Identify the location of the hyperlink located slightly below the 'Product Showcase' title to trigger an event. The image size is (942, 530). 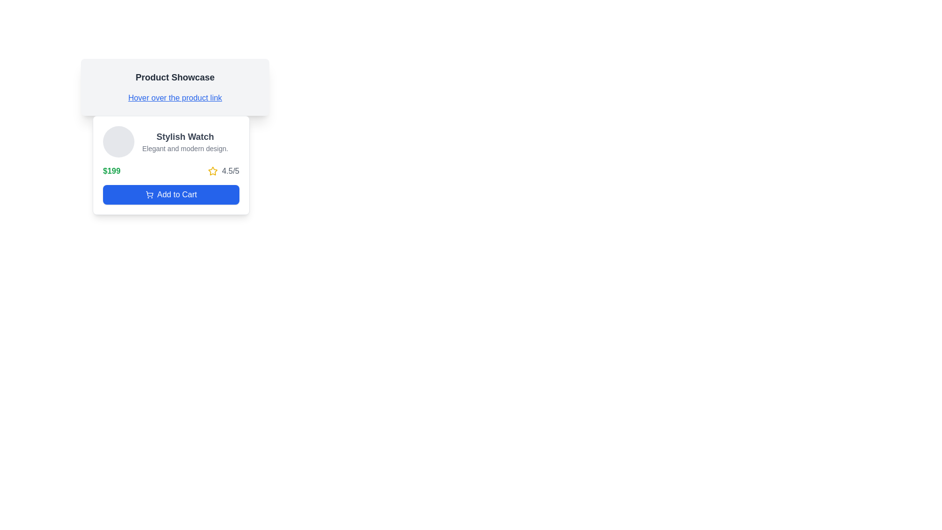
(175, 98).